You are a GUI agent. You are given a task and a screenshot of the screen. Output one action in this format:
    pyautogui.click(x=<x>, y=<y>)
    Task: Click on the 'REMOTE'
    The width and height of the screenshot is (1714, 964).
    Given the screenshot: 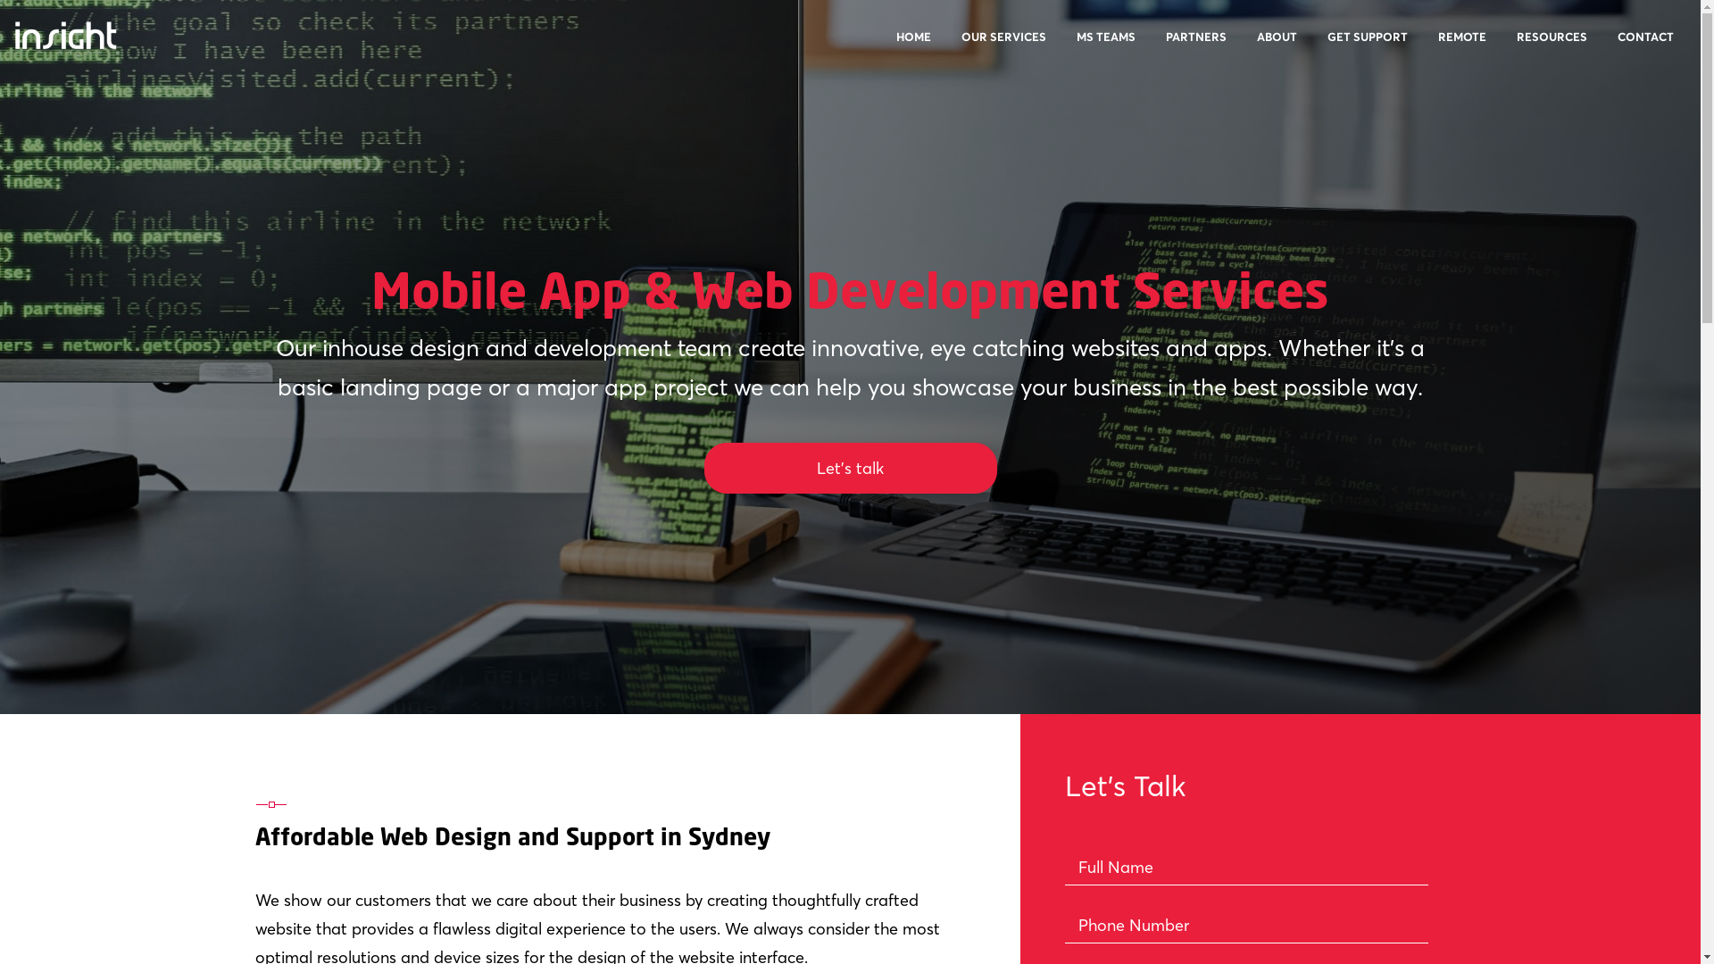 What is the action you would take?
    pyautogui.click(x=1424, y=46)
    